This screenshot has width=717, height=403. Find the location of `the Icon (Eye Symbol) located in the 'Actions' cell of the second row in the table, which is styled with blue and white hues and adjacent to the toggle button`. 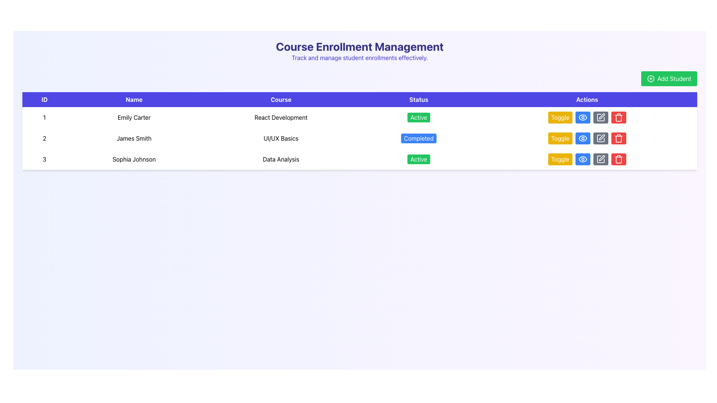

the Icon (Eye Symbol) located in the 'Actions' cell of the second row in the table, which is styled with blue and white hues and adjacent to the toggle button is located at coordinates (582, 138).